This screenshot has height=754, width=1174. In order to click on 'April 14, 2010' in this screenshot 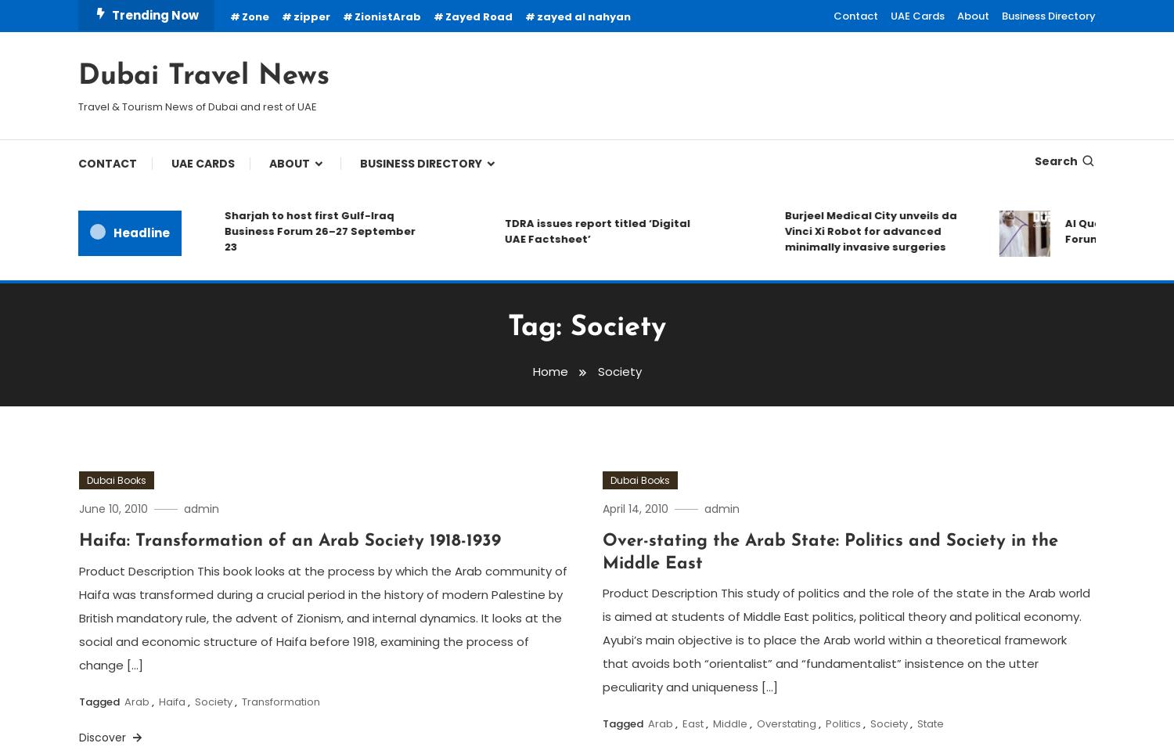, I will do `click(602, 507)`.